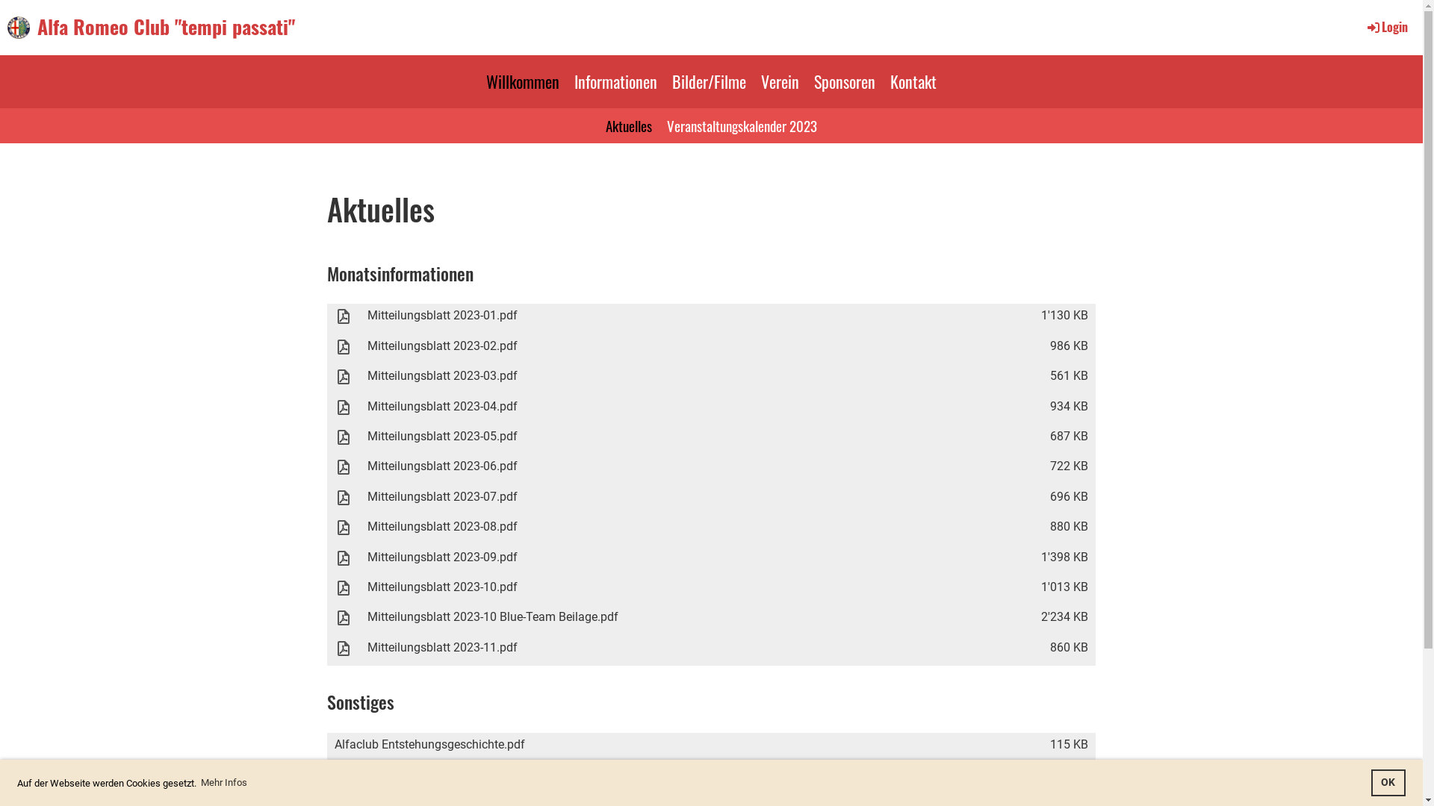 The width and height of the screenshot is (1434, 806). Describe the element at coordinates (615, 81) in the screenshot. I see `'Informationen'` at that location.